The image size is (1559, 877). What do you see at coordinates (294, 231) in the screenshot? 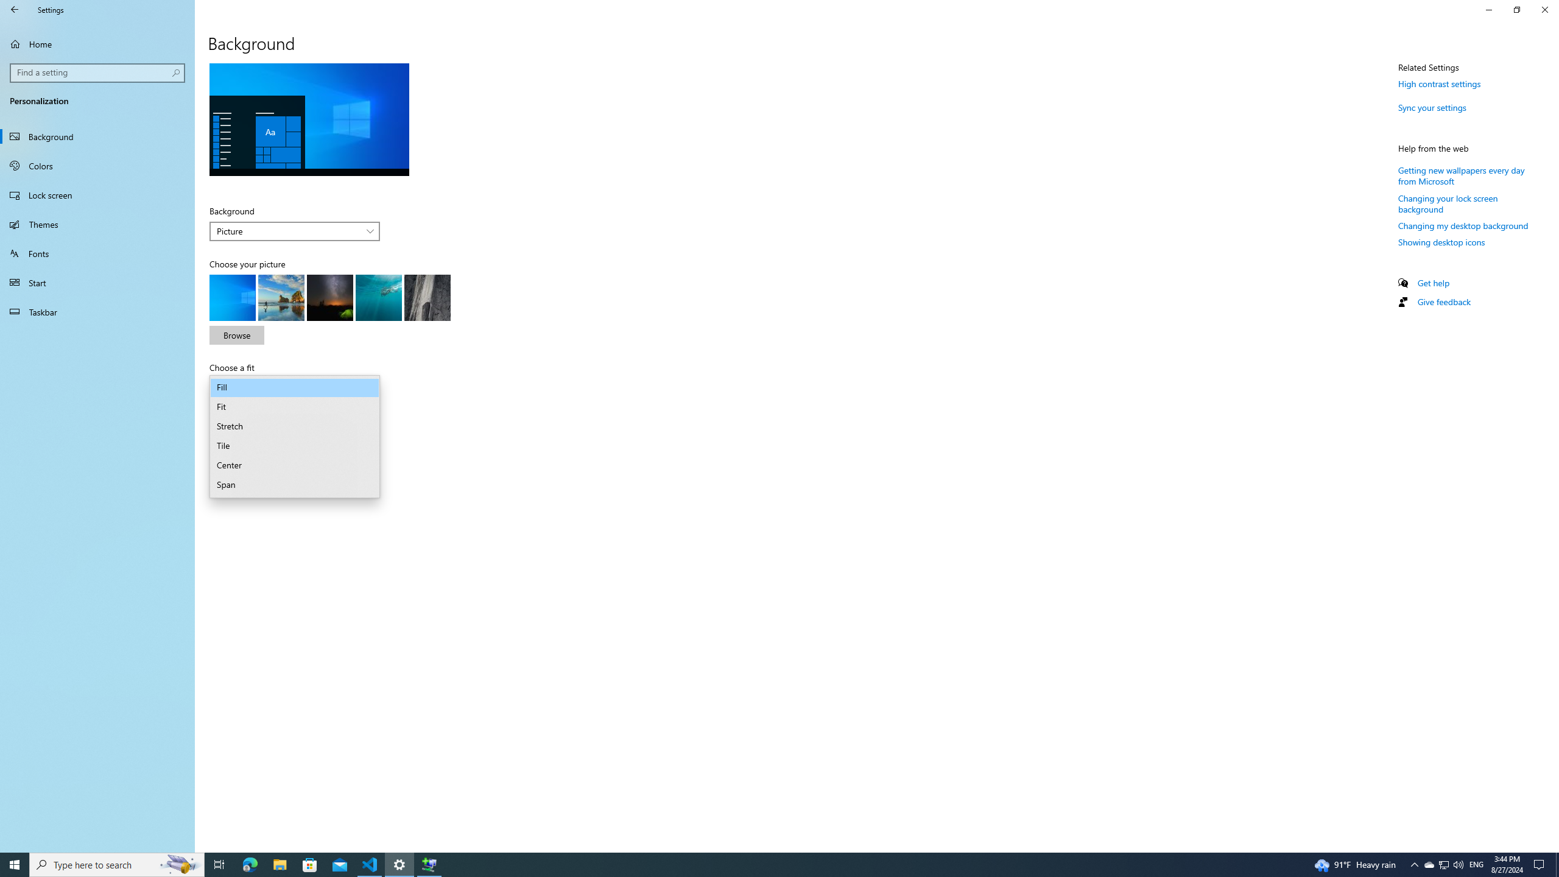
I see `'Background'` at bounding box center [294, 231].